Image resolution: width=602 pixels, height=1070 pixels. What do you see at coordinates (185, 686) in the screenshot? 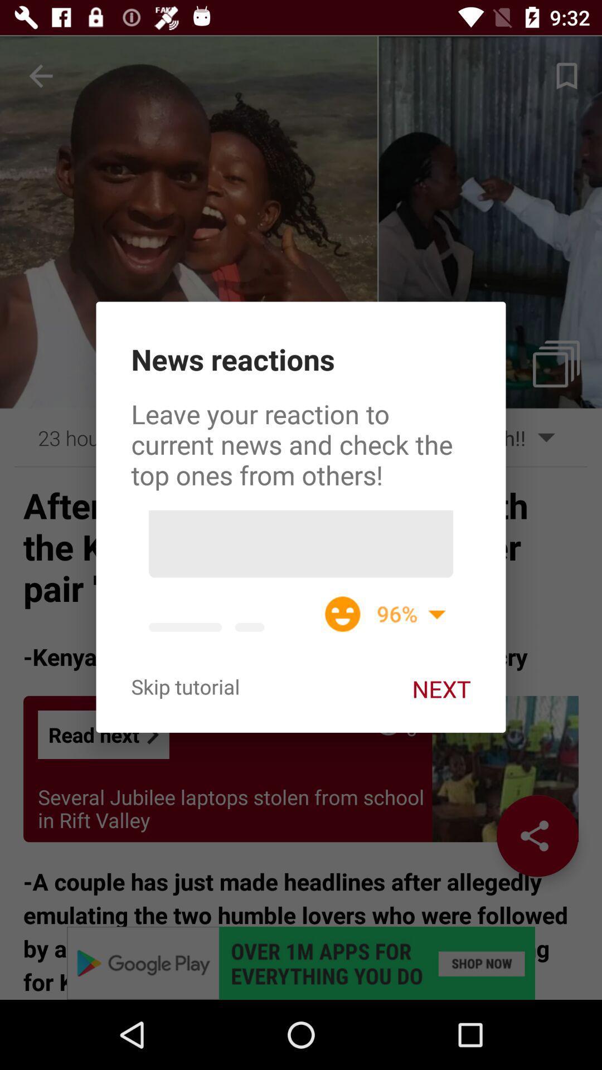
I see `the item to the left of the next icon` at bounding box center [185, 686].